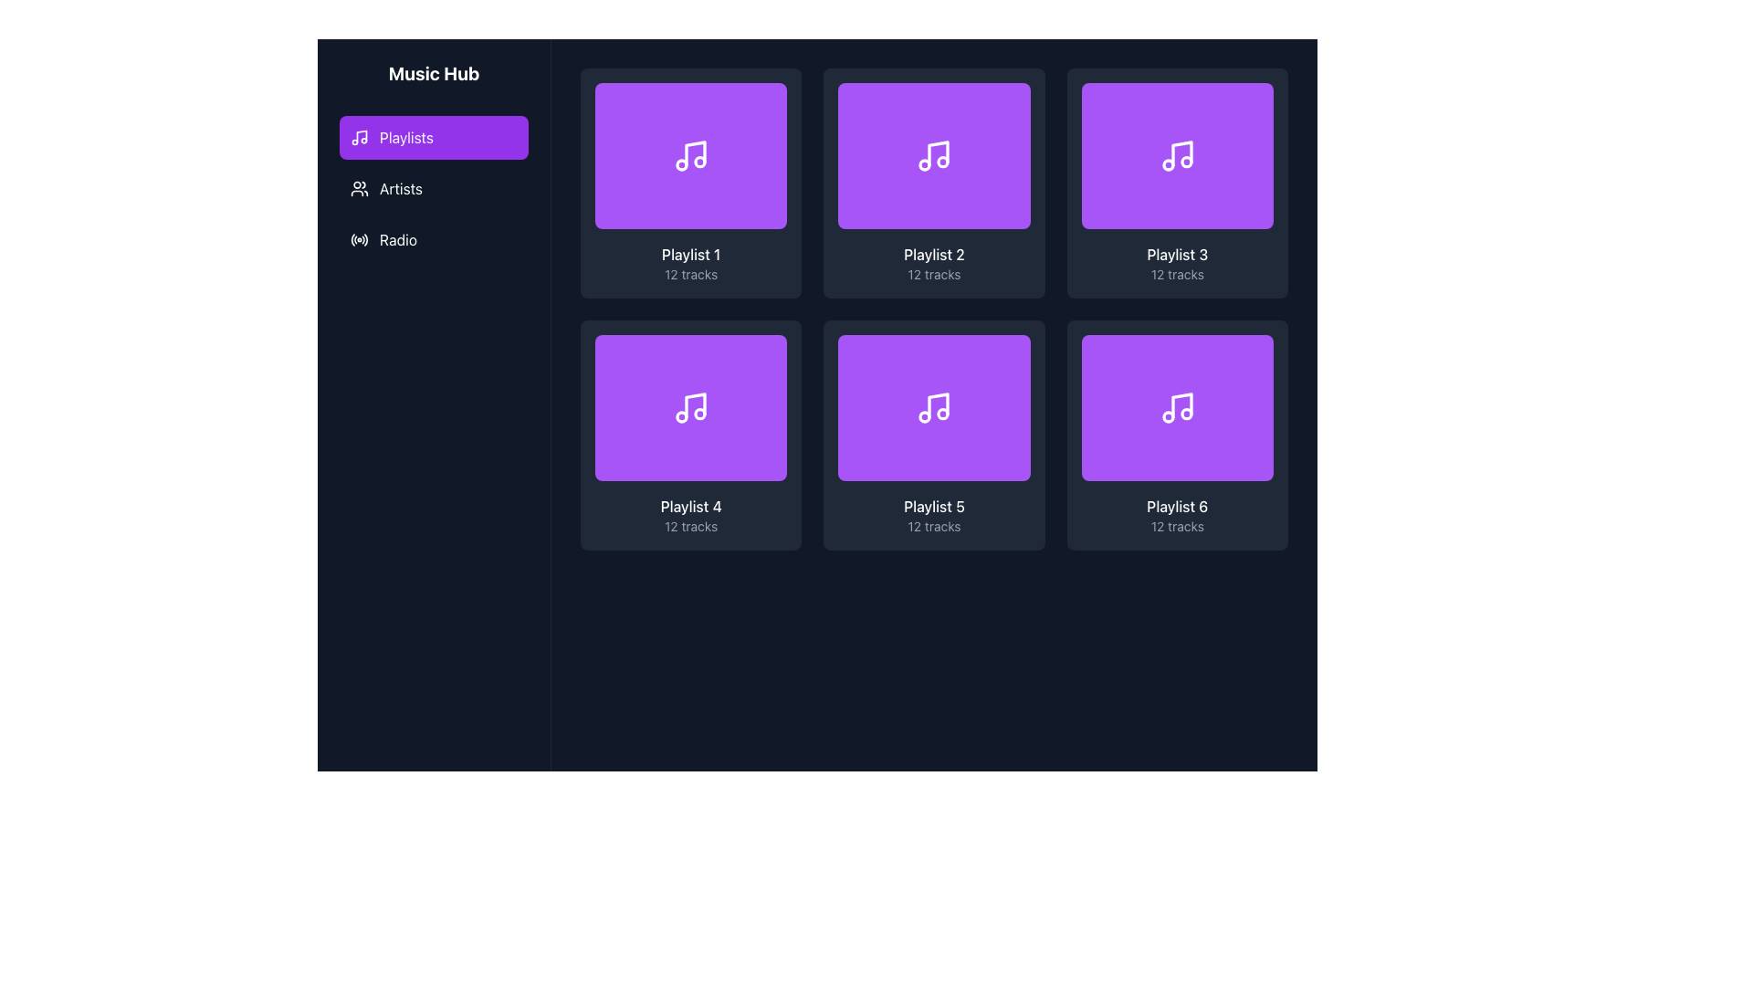 Image resolution: width=1753 pixels, height=986 pixels. Describe the element at coordinates (359, 238) in the screenshot. I see `the 'Radio' icon` at that location.